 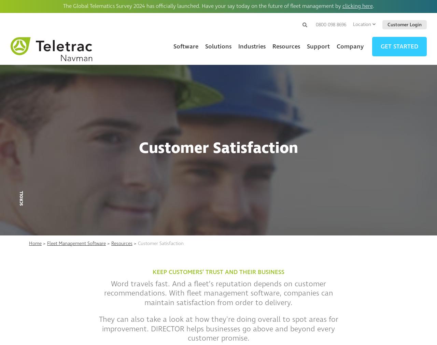 What do you see at coordinates (28, 243) in the screenshot?
I see `'Home'` at bounding box center [28, 243].